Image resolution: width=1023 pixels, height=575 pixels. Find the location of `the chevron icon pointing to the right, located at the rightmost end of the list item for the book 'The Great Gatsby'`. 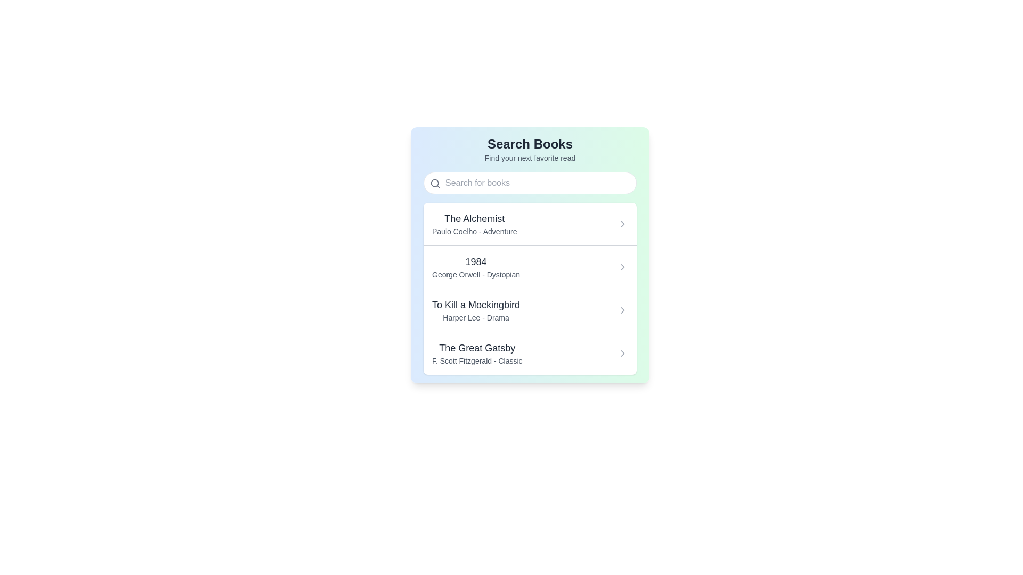

the chevron icon pointing to the right, located at the rightmost end of the list item for the book 'The Great Gatsby' is located at coordinates (623, 353).